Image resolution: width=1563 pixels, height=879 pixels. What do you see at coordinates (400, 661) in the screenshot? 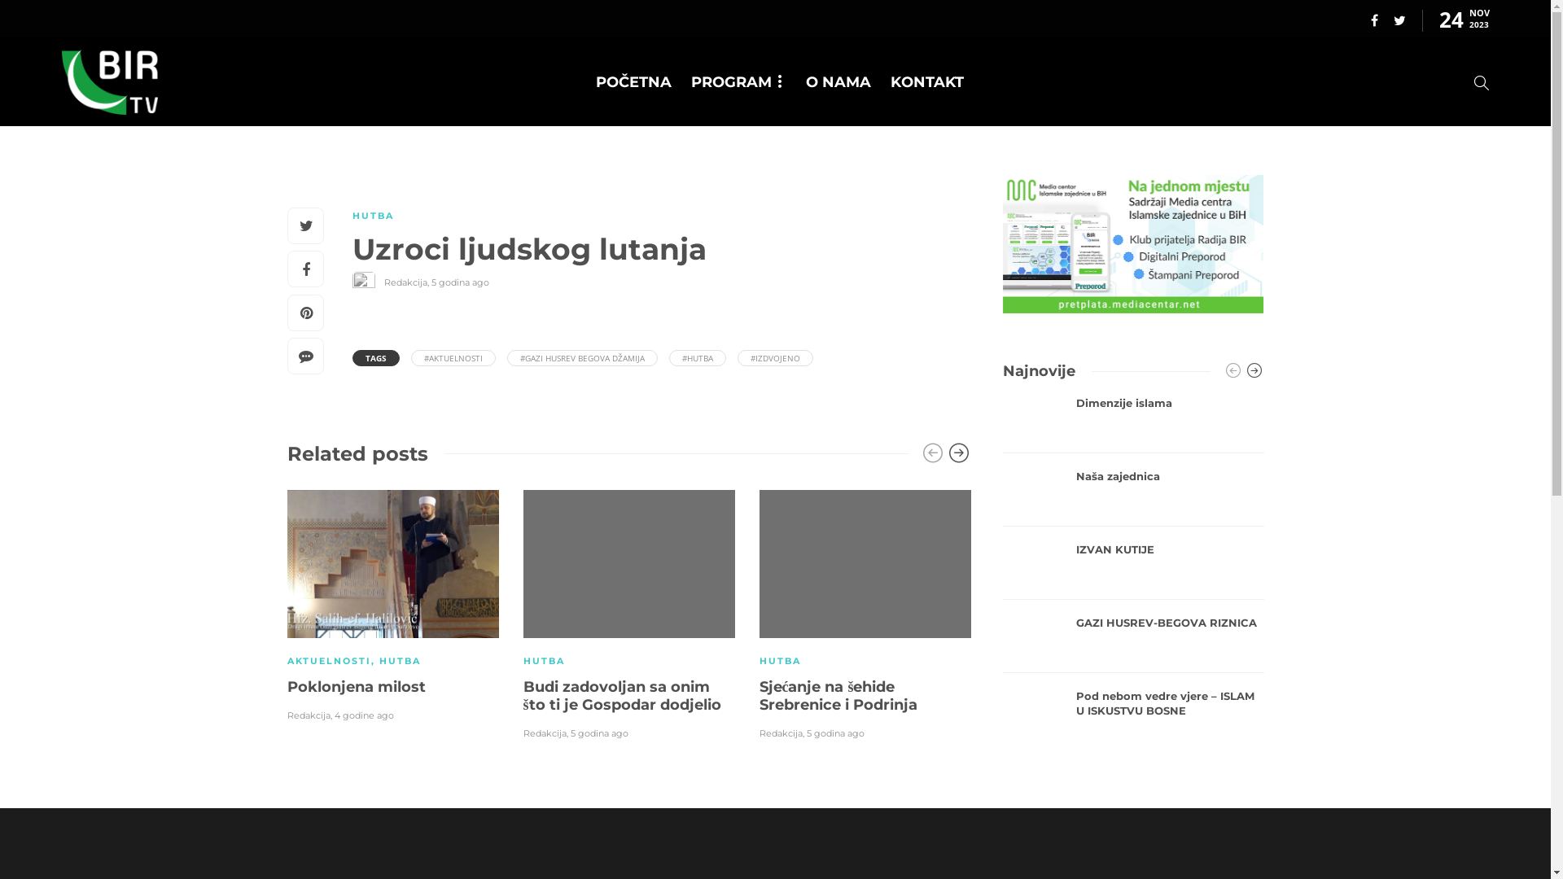
I see `'HUTBA'` at bounding box center [400, 661].